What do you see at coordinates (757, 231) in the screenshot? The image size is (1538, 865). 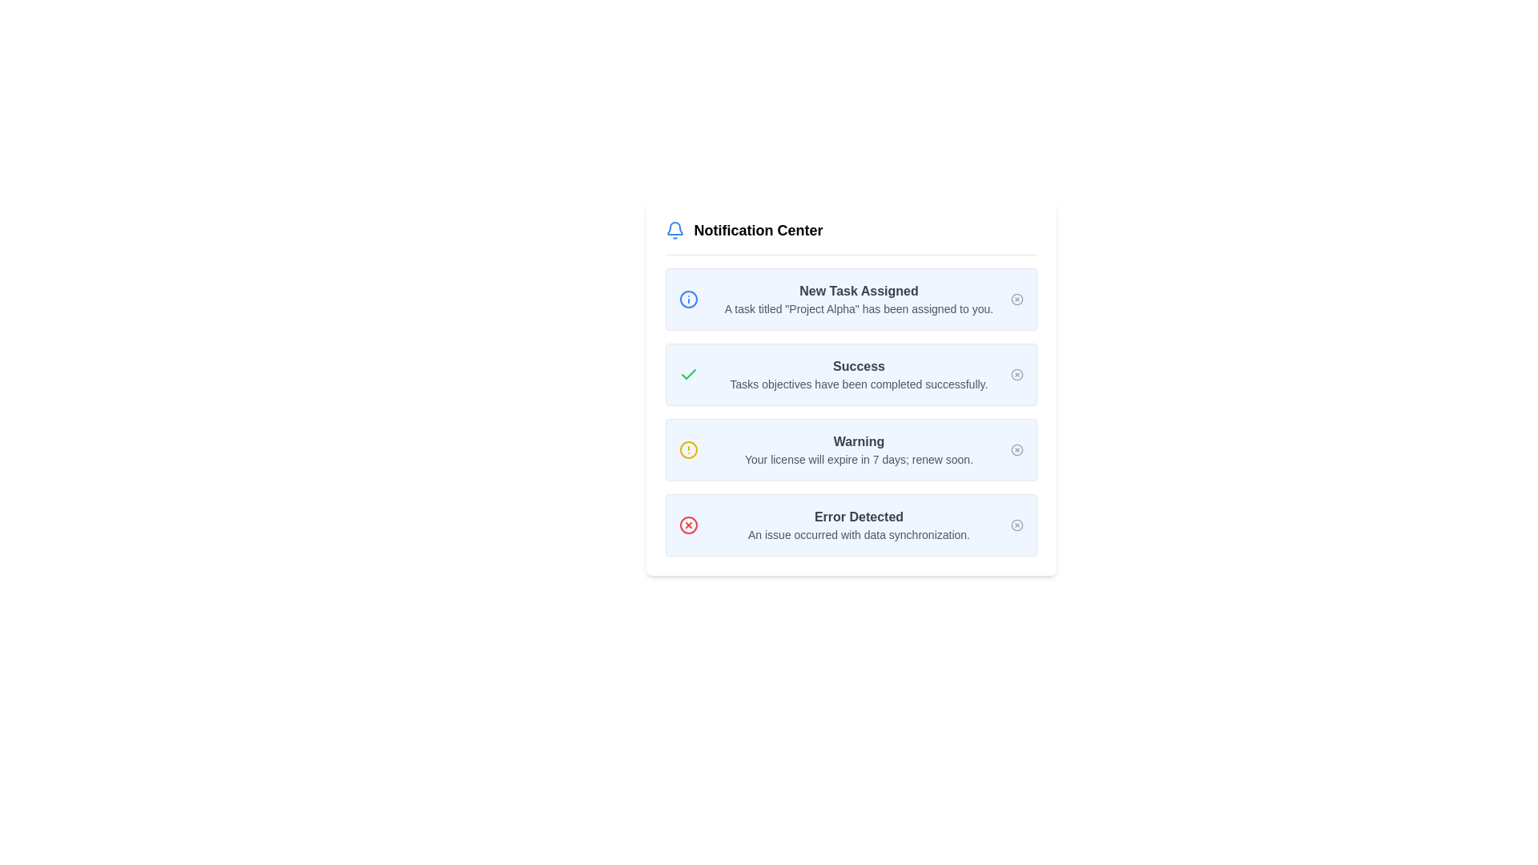 I see `the 'Notification Center' text label, which is prominently displayed in bold and large font within the header section of the notification panel, located next to a bell icon` at bounding box center [757, 231].